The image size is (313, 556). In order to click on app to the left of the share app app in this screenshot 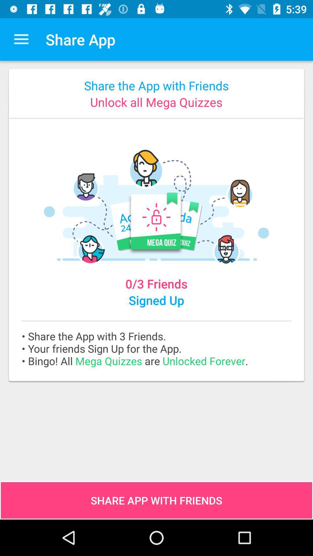, I will do `click(21, 39)`.